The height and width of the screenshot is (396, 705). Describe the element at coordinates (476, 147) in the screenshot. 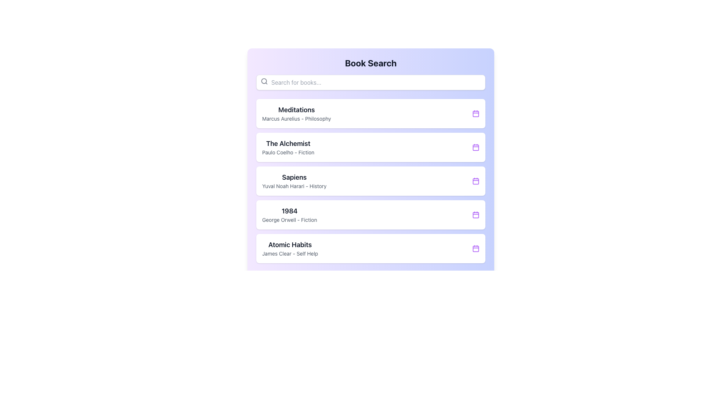

I see `the date-related icon located in the rightmost section of 'The Alchemist' card, next to 'Paulo Coelho - Fiction'` at that location.